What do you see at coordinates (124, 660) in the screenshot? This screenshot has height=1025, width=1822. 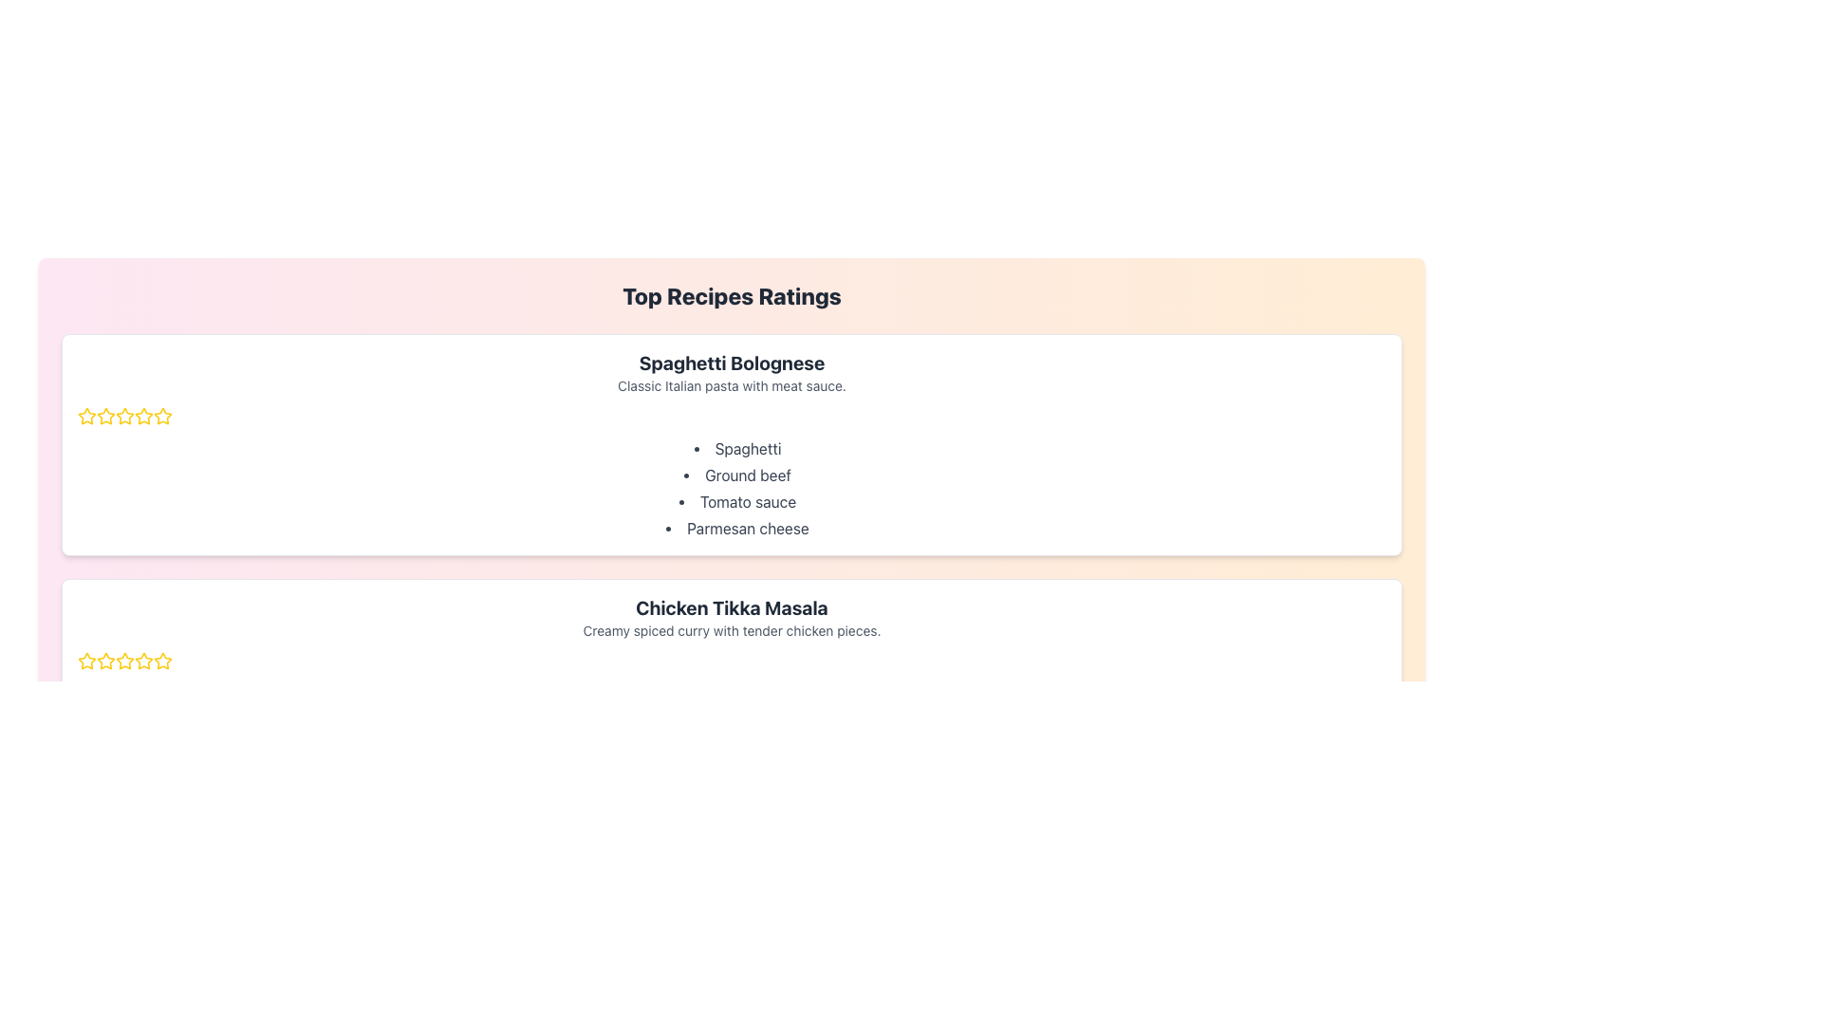 I see `the second star icon in the star rating component for the Chicken Tikka Masala recipe` at bounding box center [124, 660].